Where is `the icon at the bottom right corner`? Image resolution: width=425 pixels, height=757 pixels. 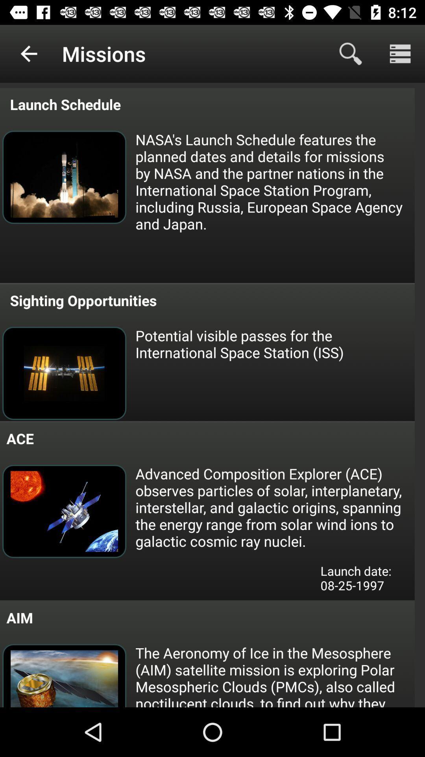
the icon at the bottom right corner is located at coordinates (362, 581).